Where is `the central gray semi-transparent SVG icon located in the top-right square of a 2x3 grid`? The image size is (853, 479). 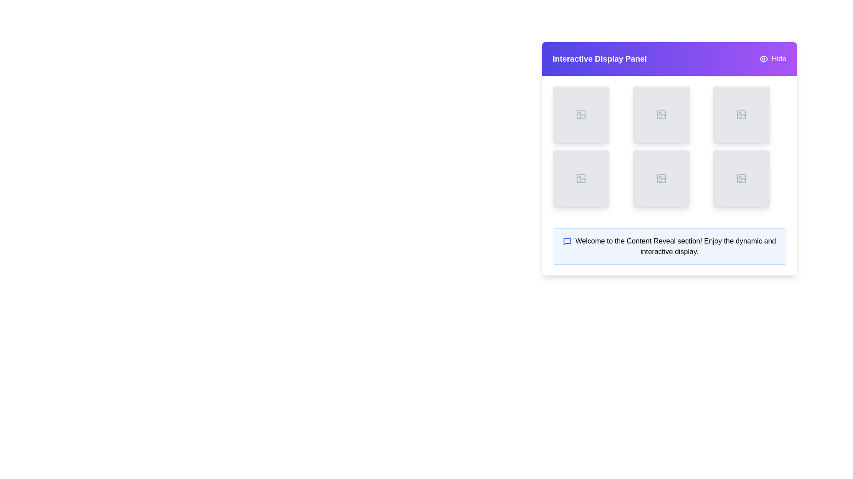
the central gray semi-transparent SVG icon located in the top-right square of a 2x3 grid is located at coordinates (741, 114).